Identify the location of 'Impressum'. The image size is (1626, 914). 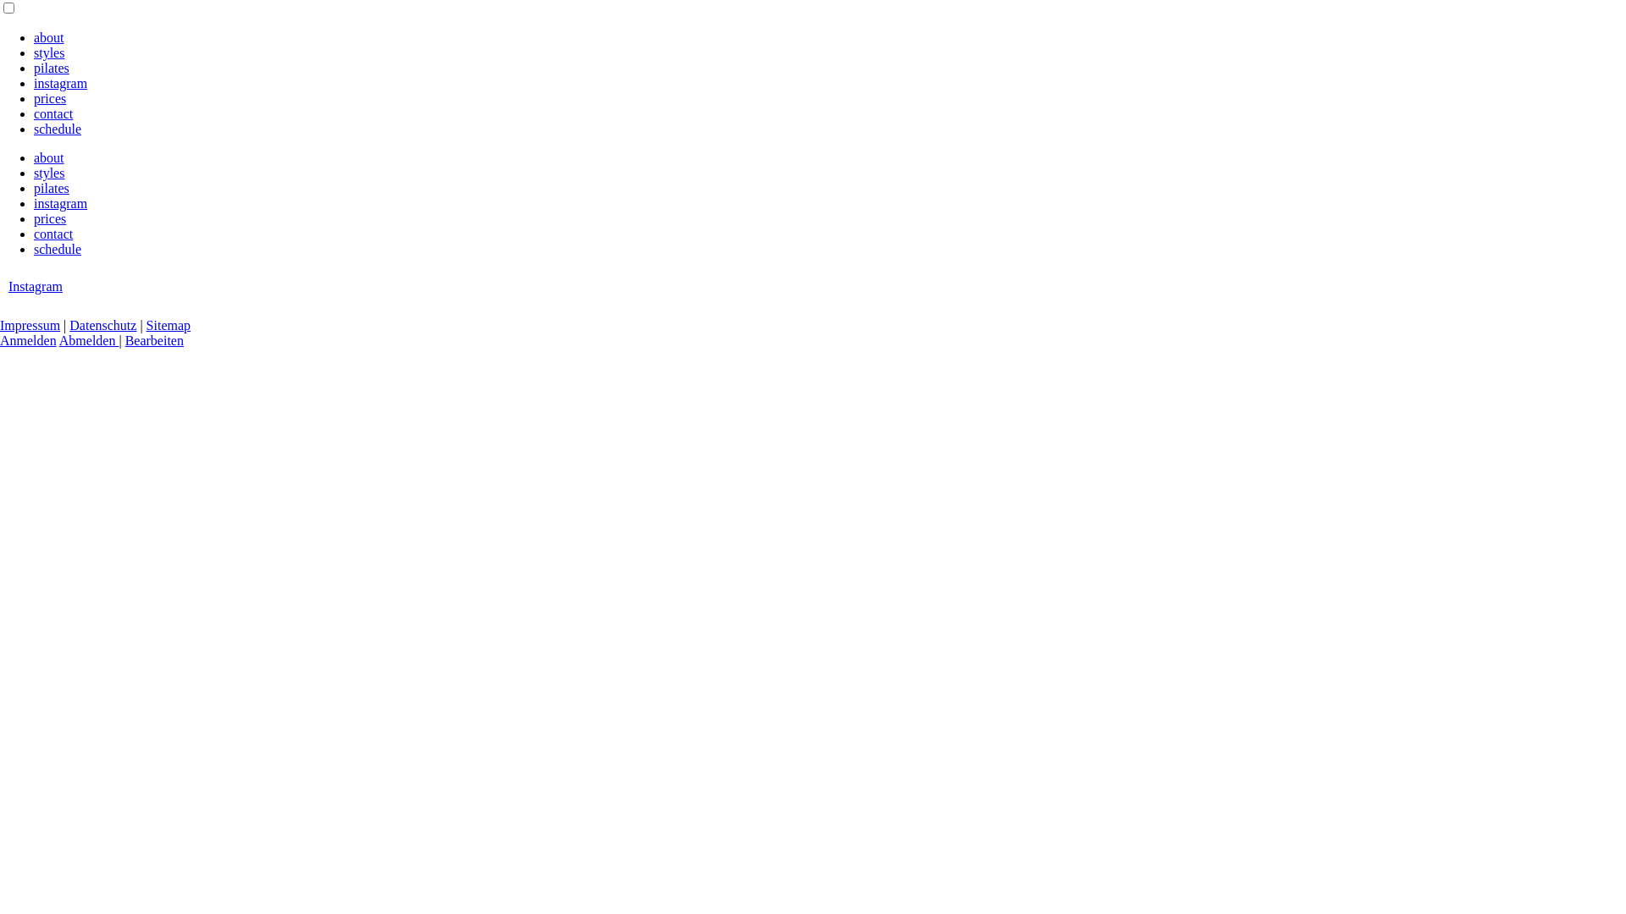
(0, 325).